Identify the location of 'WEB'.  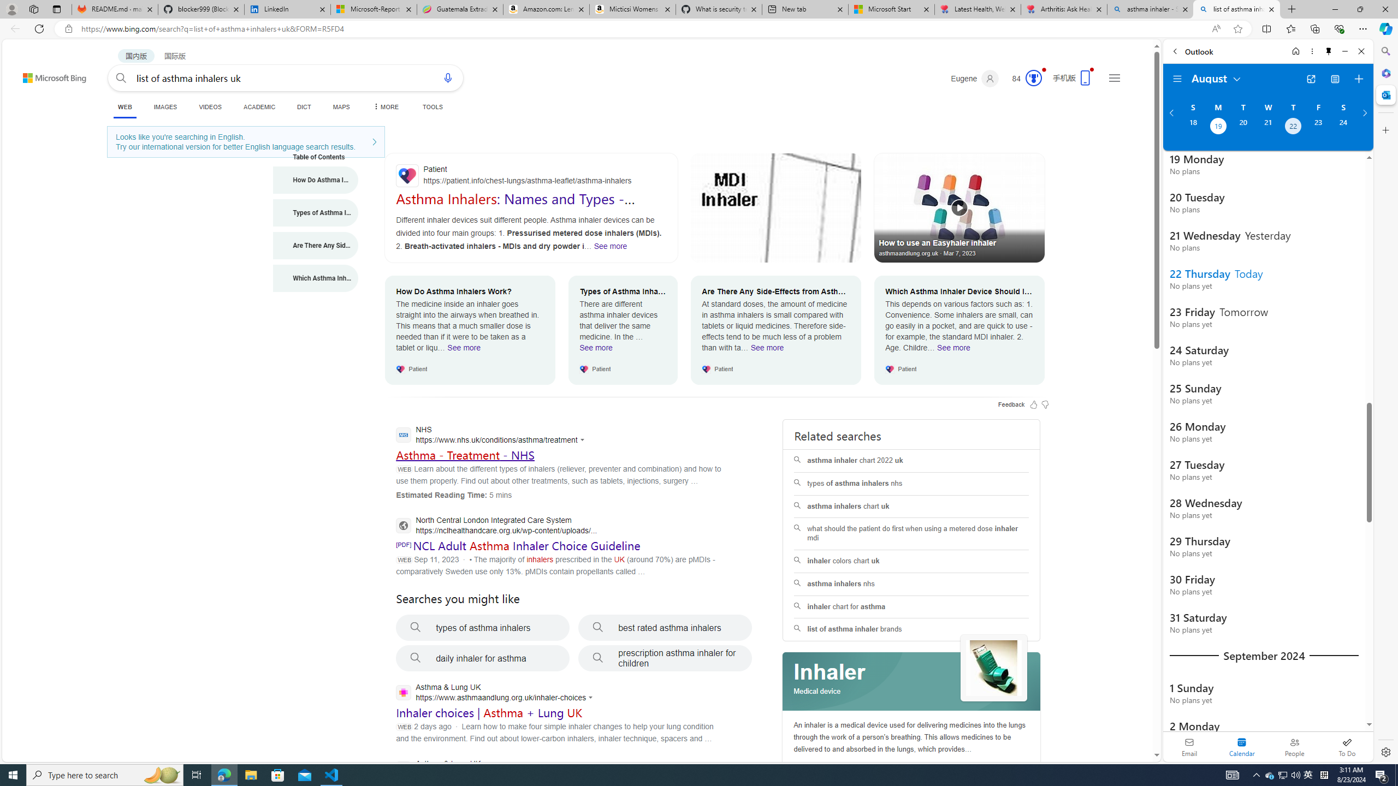
(125, 106).